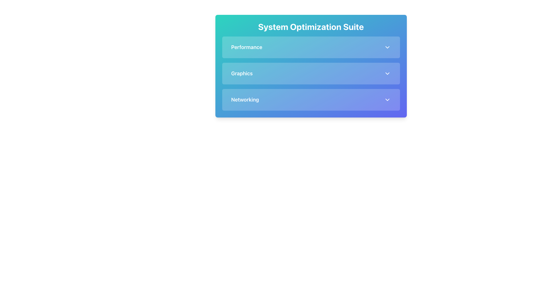  I want to click on the 'Graphics' button in the 'System Optimization Suite', so click(311, 73).